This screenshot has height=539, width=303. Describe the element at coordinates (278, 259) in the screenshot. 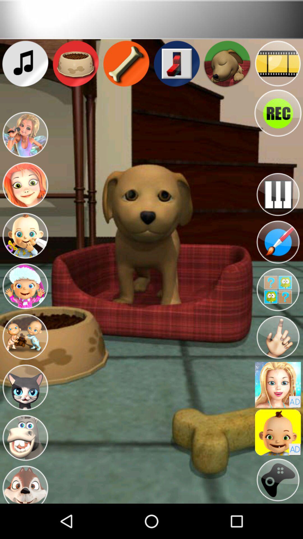

I see `the edit icon` at that location.